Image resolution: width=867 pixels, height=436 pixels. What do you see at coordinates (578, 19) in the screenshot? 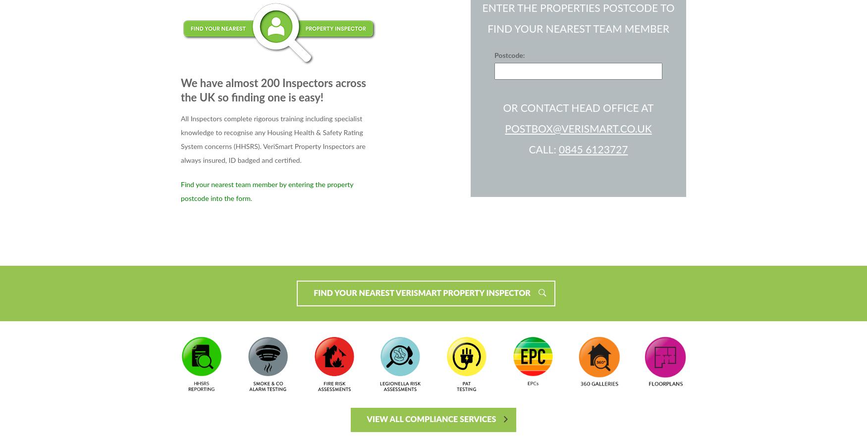
I see `'Enter the properties postcode to find your nearest team member'` at bounding box center [578, 19].